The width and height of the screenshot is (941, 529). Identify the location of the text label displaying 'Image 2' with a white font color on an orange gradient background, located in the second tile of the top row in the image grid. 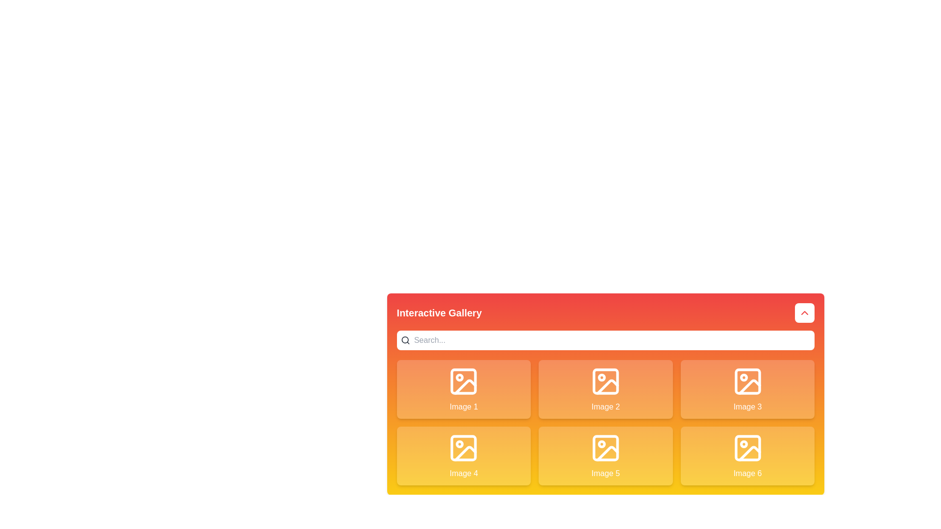
(605, 407).